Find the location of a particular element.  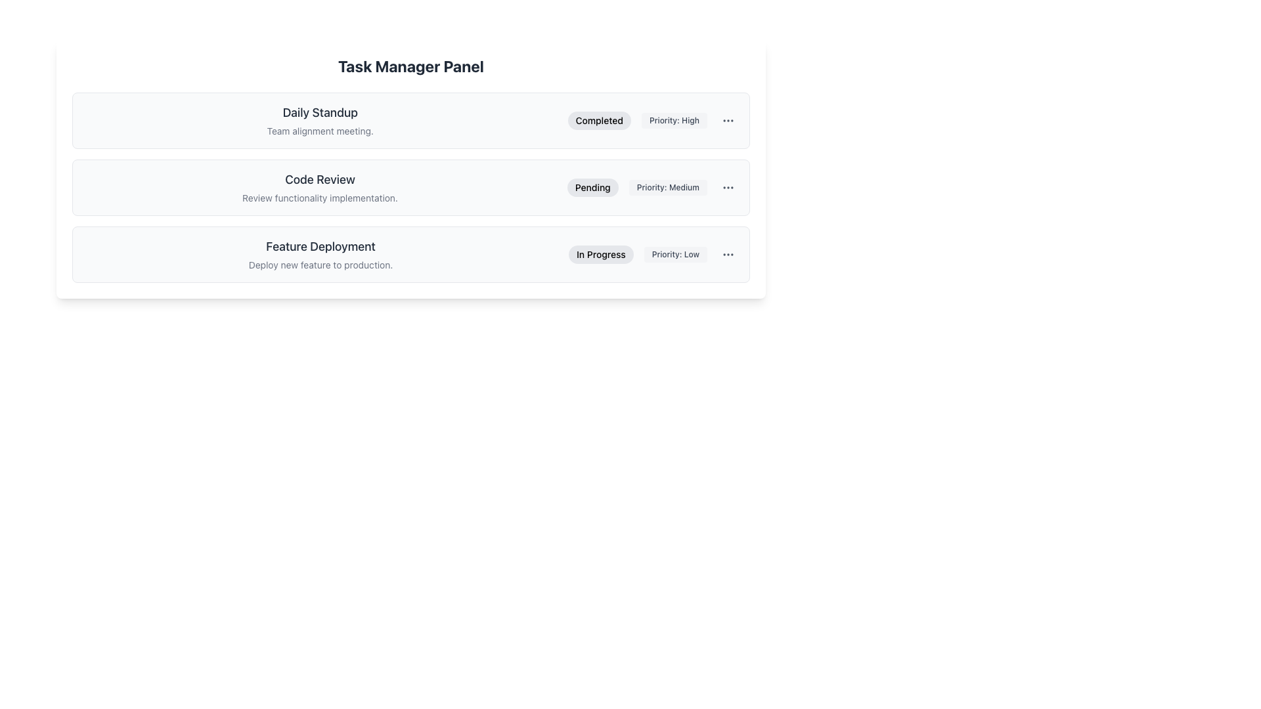

the label indicating the current status of the task associated with the 'Feature Deployment' row, located in the third list item of the task list, positioned to the right-hand side of the row is located at coordinates (600, 255).